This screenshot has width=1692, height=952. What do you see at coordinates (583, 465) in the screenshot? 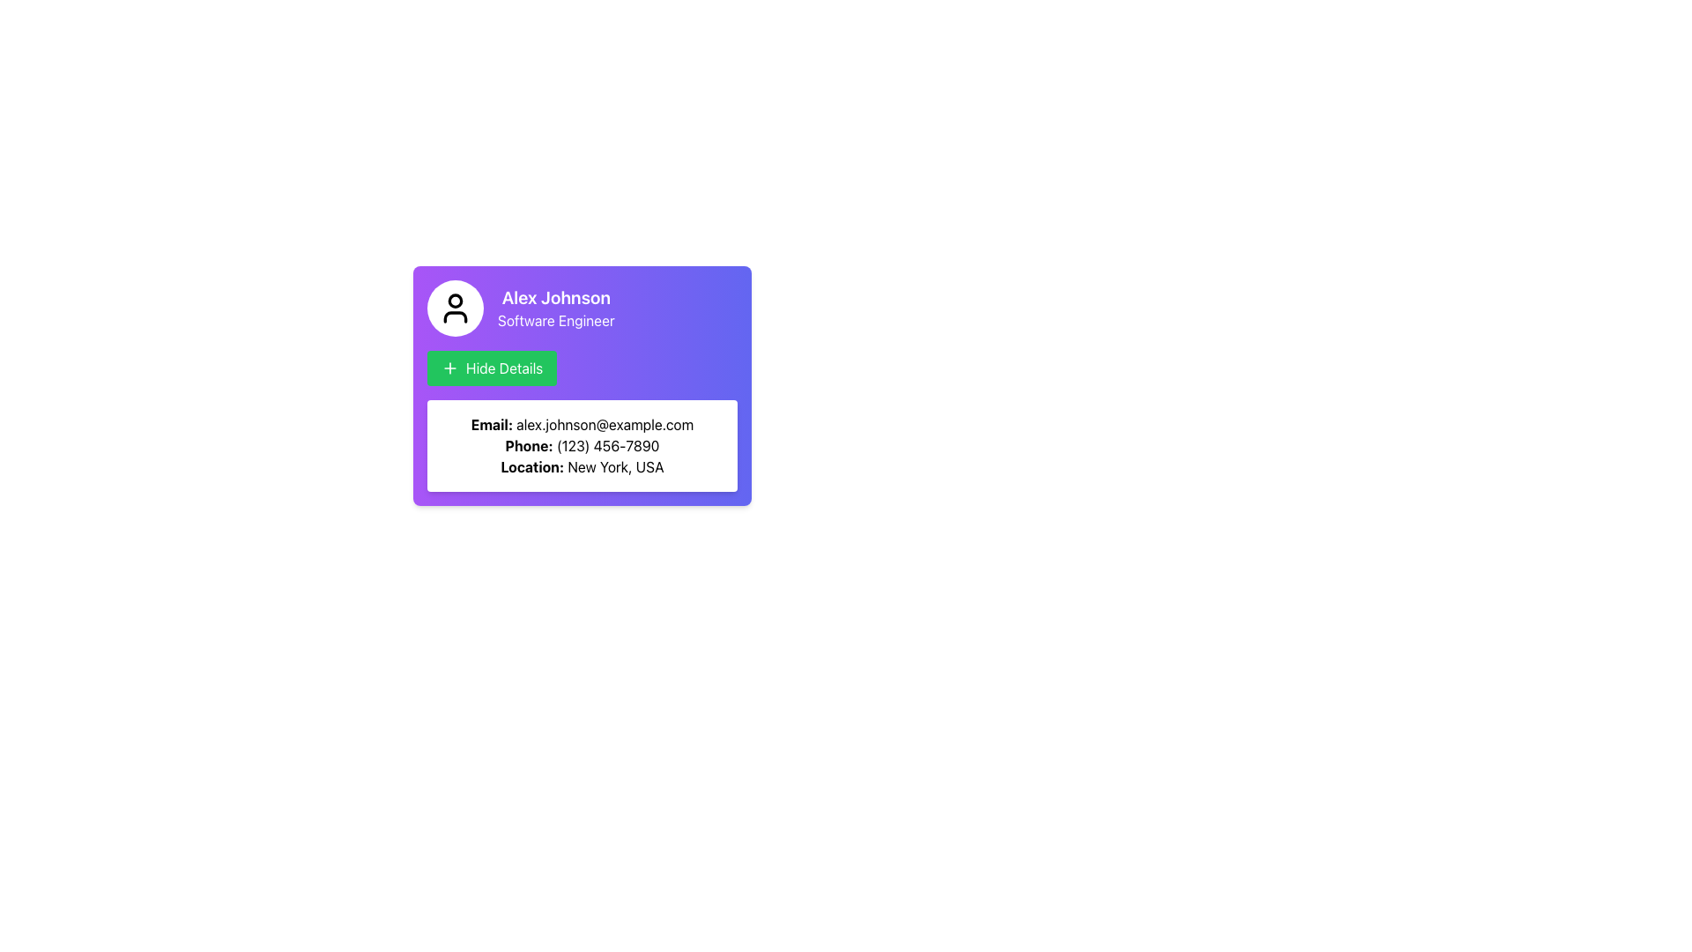
I see `the 'Location: New York, USA' text label which is styled in bold and is the third text entry in the user details card` at bounding box center [583, 465].